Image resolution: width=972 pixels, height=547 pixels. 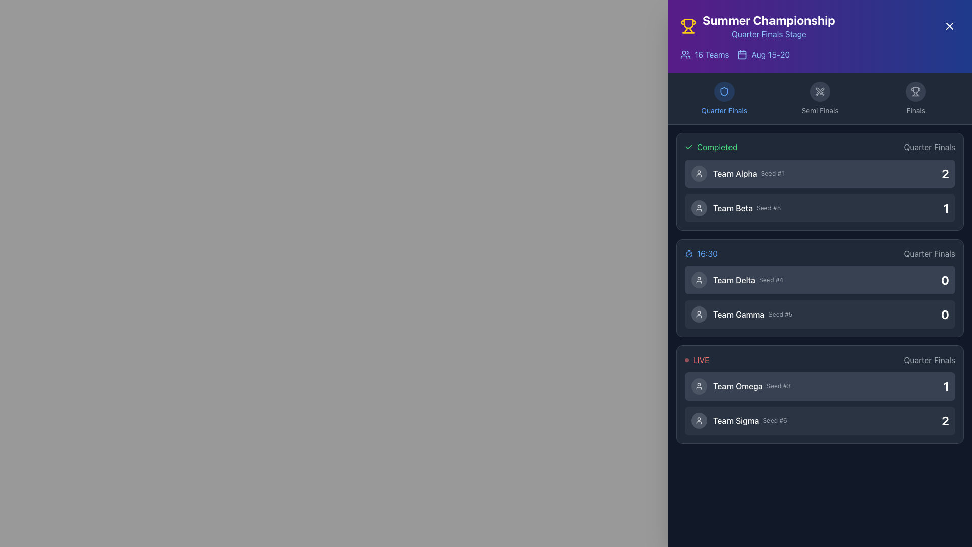 I want to click on text label displaying 'Semi Finals' in a small, light gray font located in the navigation bar below the 'Summer Championship' section header, so click(x=820, y=111).